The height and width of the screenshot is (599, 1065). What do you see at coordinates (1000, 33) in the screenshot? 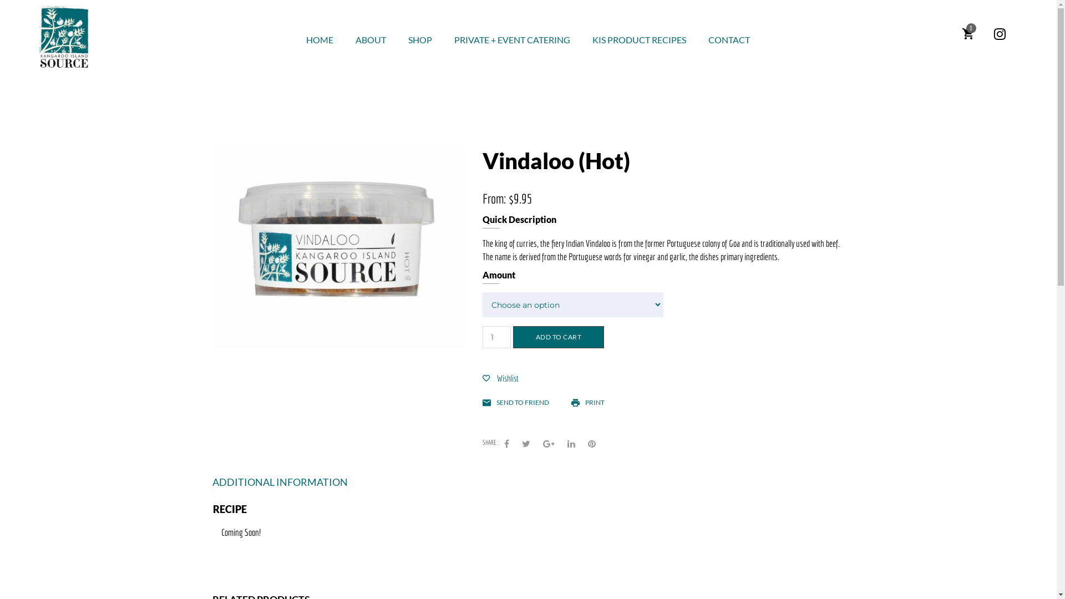
I see `'Instagram'` at bounding box center [1000, 33].